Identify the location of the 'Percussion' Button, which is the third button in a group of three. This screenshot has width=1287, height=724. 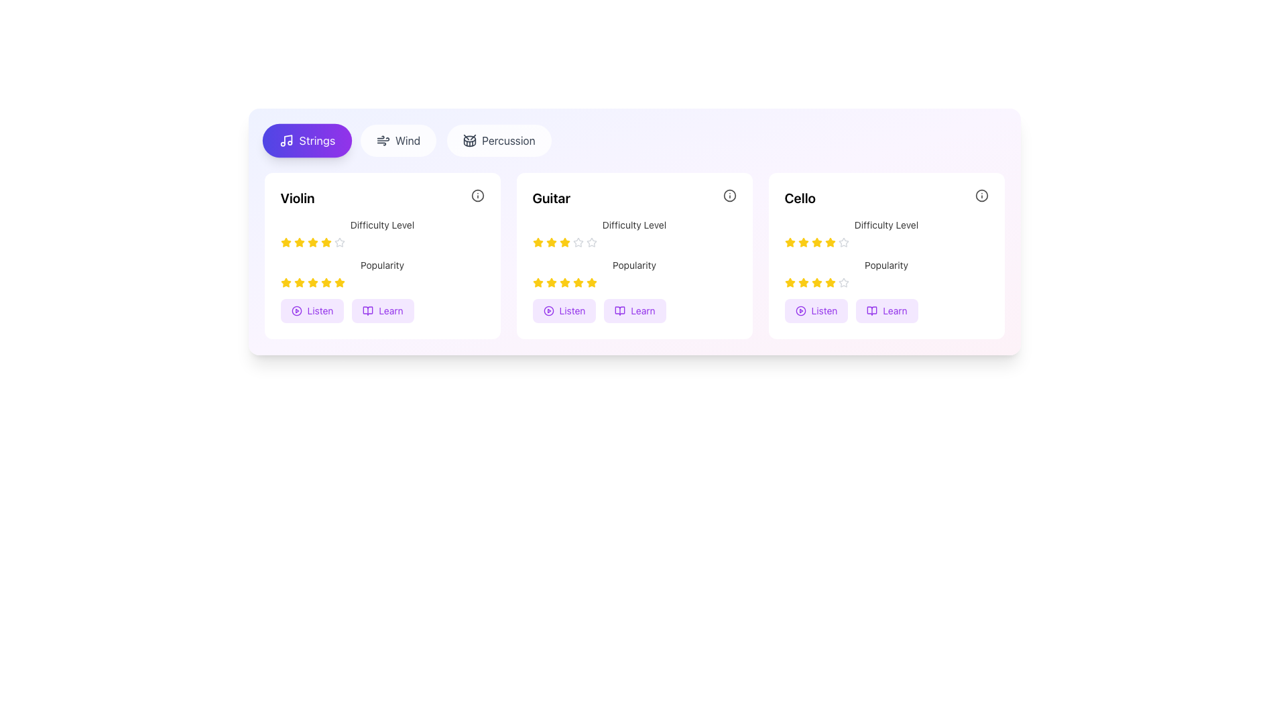
(498, 140).